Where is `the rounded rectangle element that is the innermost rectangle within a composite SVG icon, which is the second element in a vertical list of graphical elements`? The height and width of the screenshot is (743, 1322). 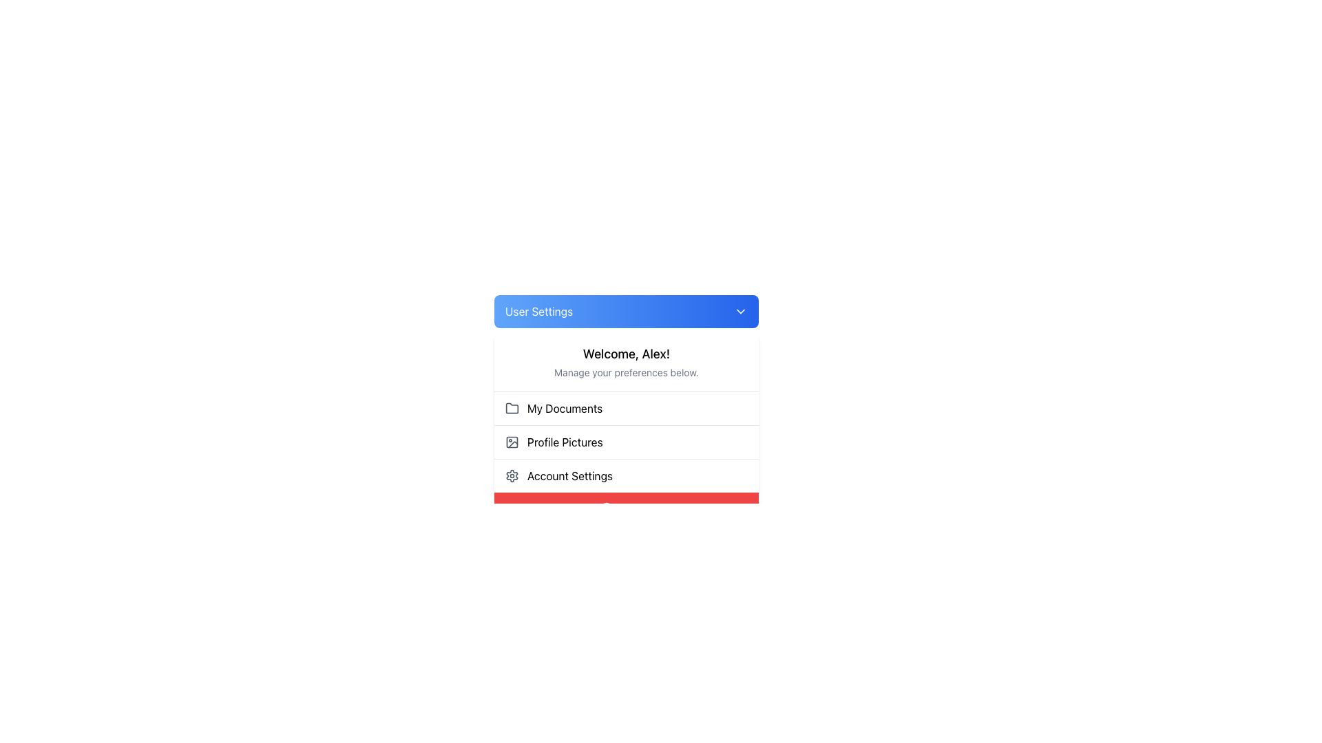 the rounded rectangle element that is the innermost rectangle within a composite SVG icon, which is the second element in a vertical list of graphical elements is located at coordinates (512, 442).